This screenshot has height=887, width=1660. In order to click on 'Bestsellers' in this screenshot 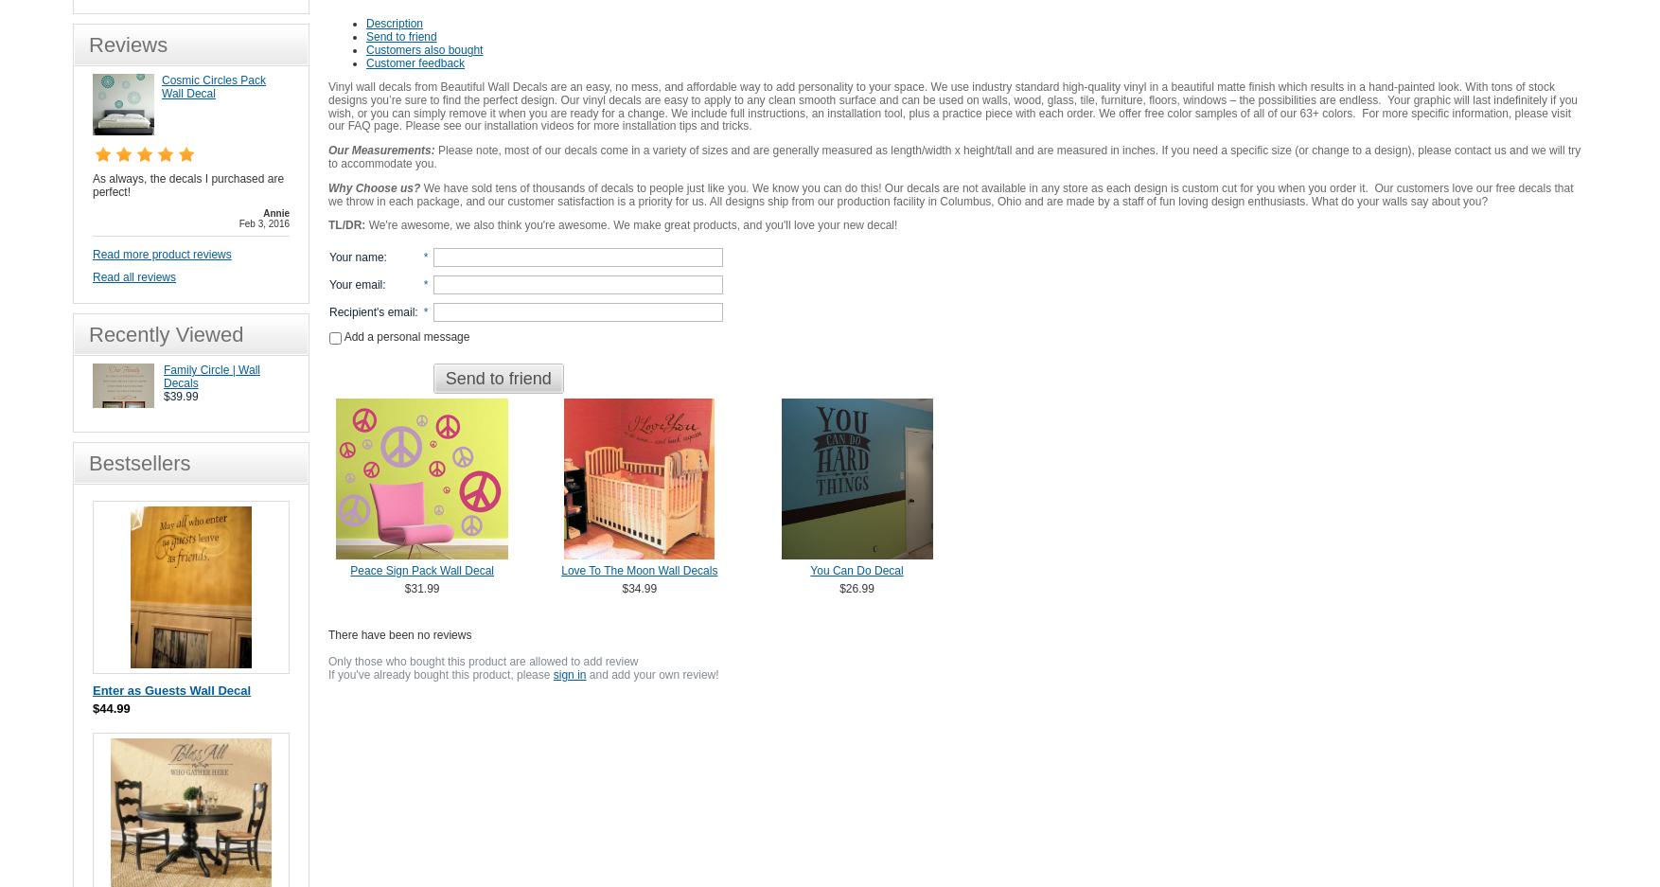, I will do `click(138, 463)`.